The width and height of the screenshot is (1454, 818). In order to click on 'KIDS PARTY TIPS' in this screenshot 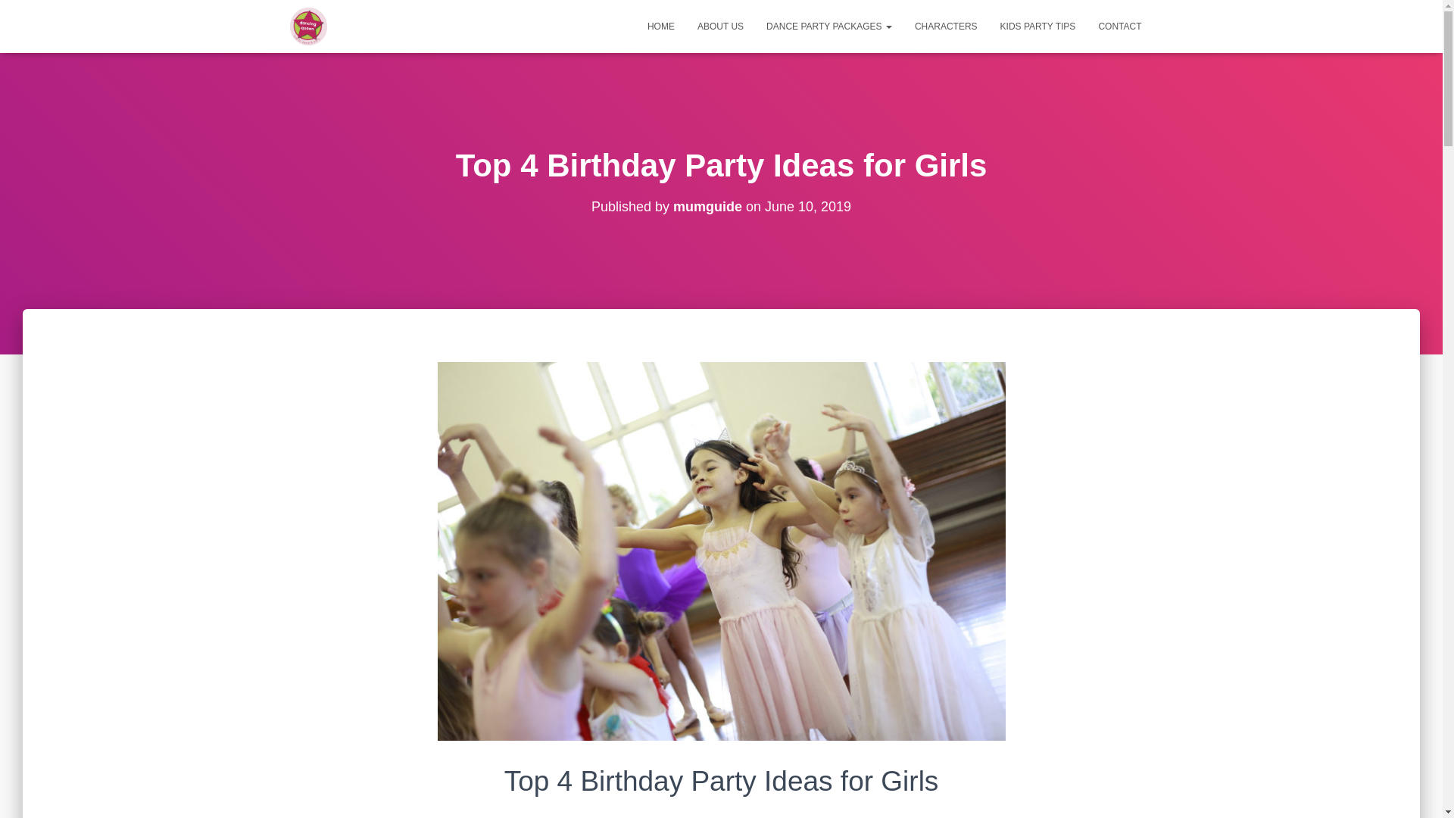, I will do `click(1037, 26)`.